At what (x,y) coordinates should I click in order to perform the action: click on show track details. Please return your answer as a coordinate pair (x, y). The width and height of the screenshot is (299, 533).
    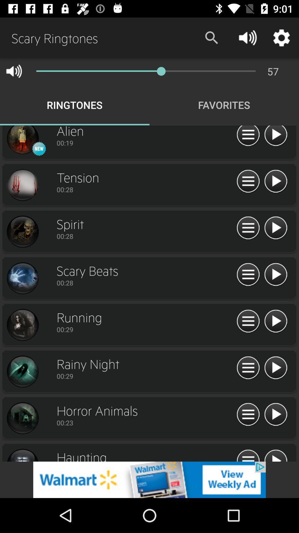
    Looking at the image, I should click on (248, 455).